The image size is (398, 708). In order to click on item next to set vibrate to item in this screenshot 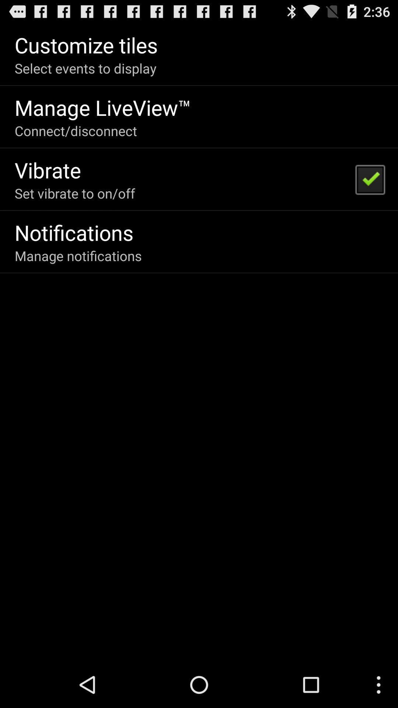, I will do `click(370, 179)`.